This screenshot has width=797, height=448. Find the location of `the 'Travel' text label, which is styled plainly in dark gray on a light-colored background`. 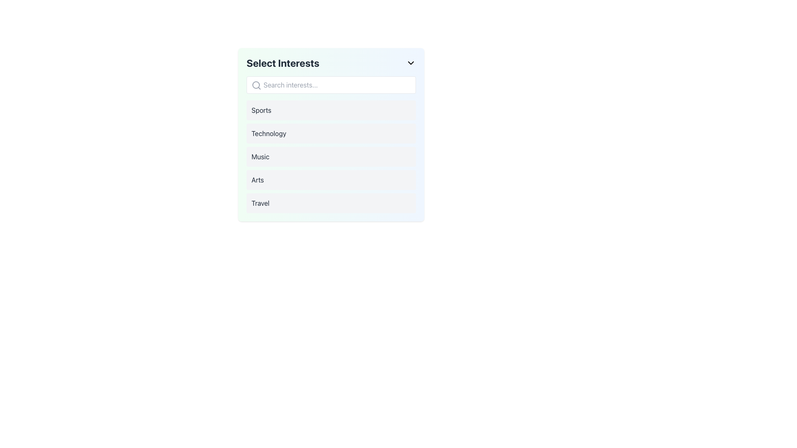

the 'Travel' text label, which is styled plainly in dark gray on a light-colored background is located at coordinates (260, 203).